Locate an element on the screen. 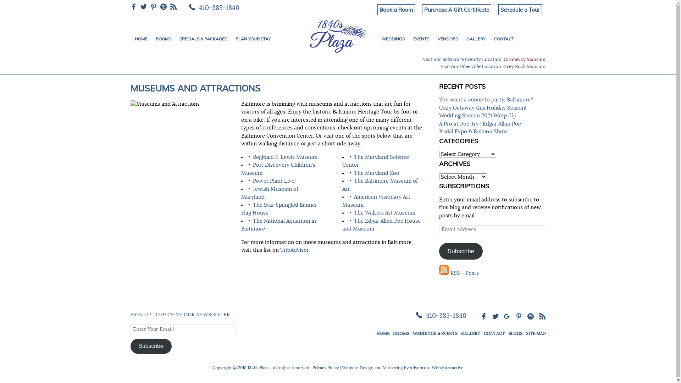  'Subscribe' is located at coordinates (461, 251).